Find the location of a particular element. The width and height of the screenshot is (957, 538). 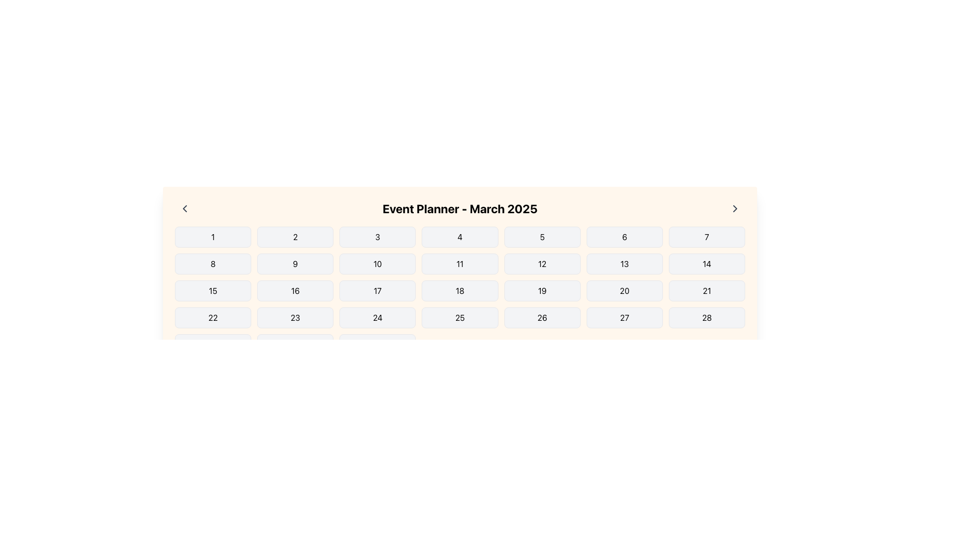

the clickable grid cell representing the day of the month in the calendar interface is located at coordinates (459, 263).